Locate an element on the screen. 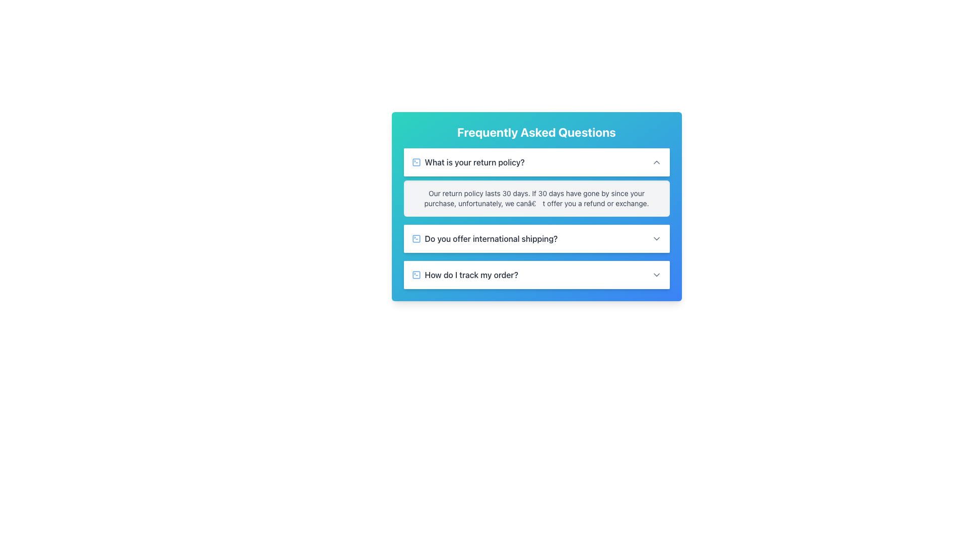  the icon that serves as a visual clue or indicator associated with the text label 'How do I track my order?' in the FAQ interface is located at coordinates (416, 275).